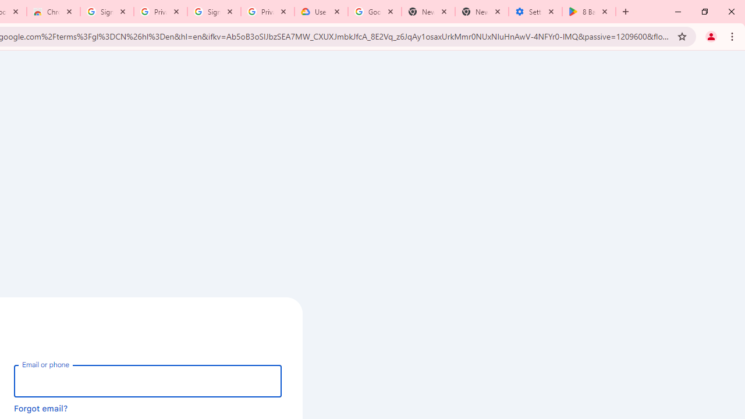 Image resolution: width=745 pixels, height=419 pixels. Describe the element at coordinates (53, 12) in the screenshot. I see `'Chrome Web Store - Color themes by Chrome'` at that location.